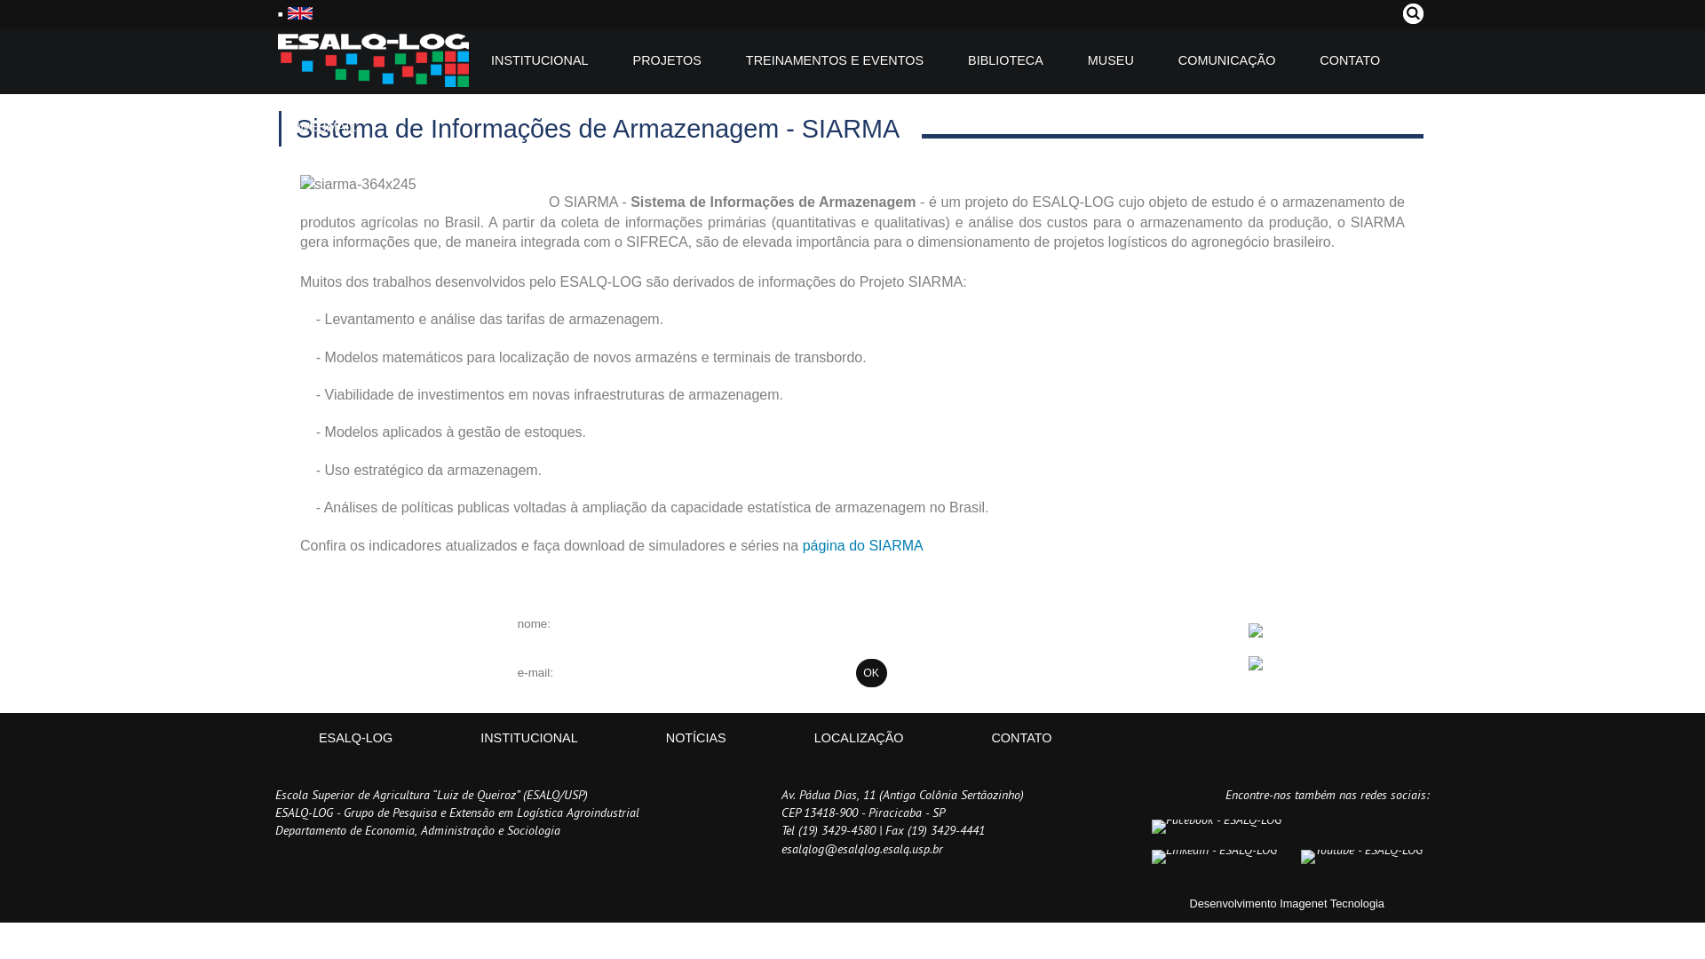 The height and width of the screenshot is (959, 1705). I want to click on 'CONTATO', so click(1350, 59).